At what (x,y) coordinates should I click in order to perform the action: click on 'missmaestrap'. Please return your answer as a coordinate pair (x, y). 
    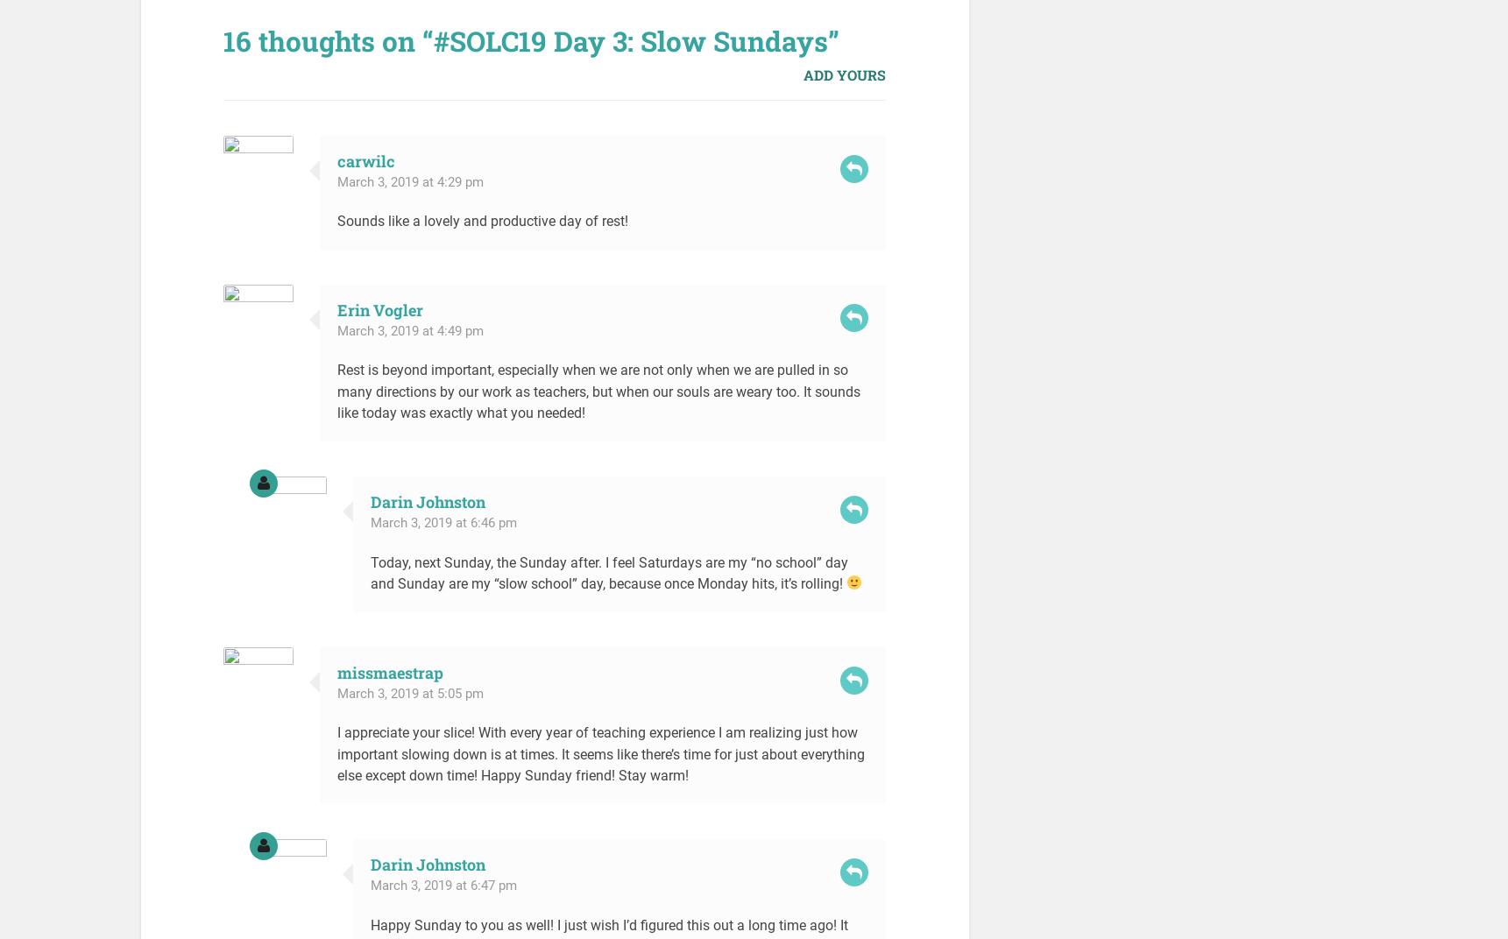
    Looking at the image, I should click on (336, 672).